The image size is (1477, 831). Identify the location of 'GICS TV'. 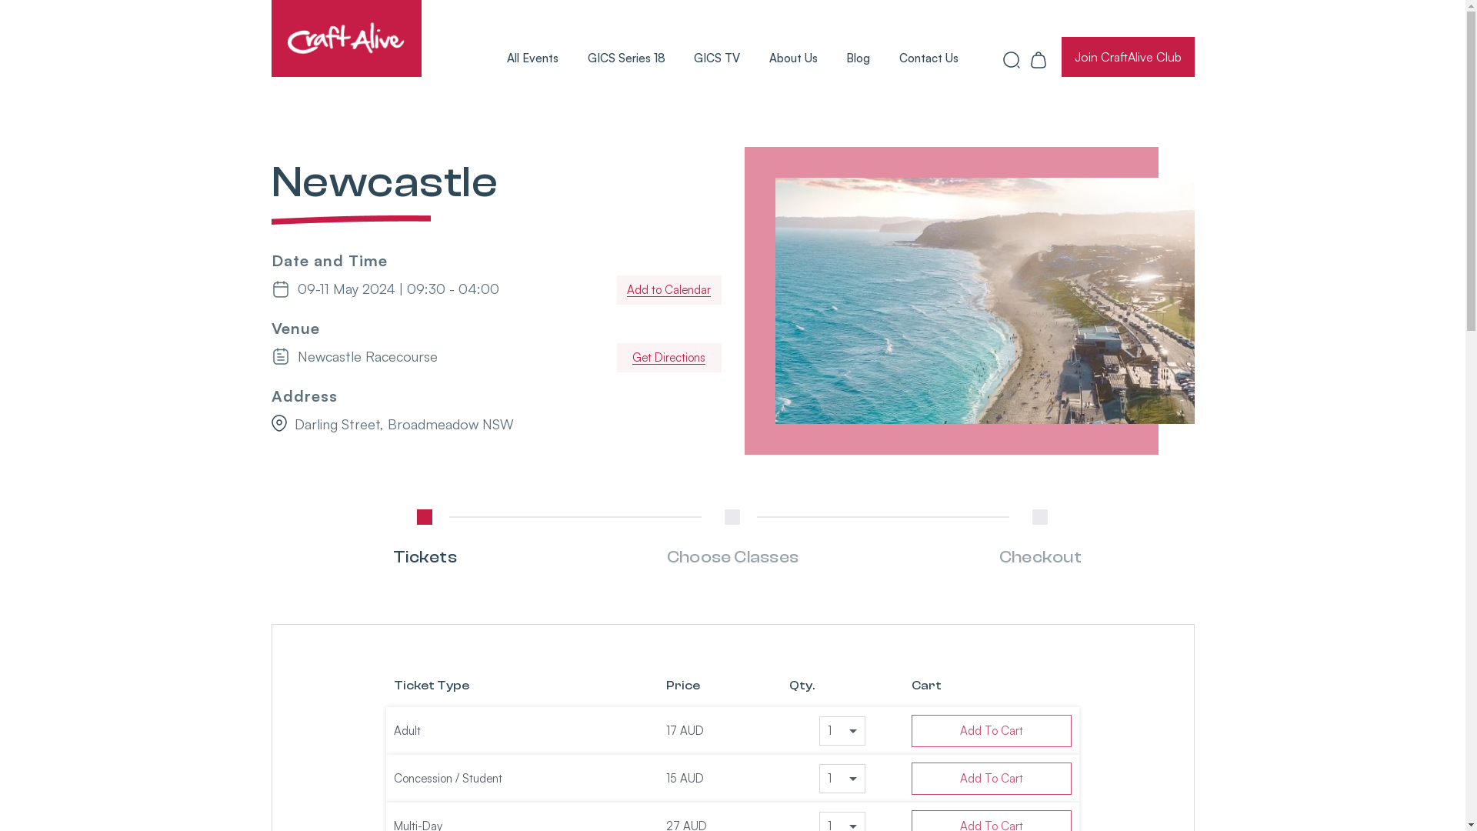
(715, 58).